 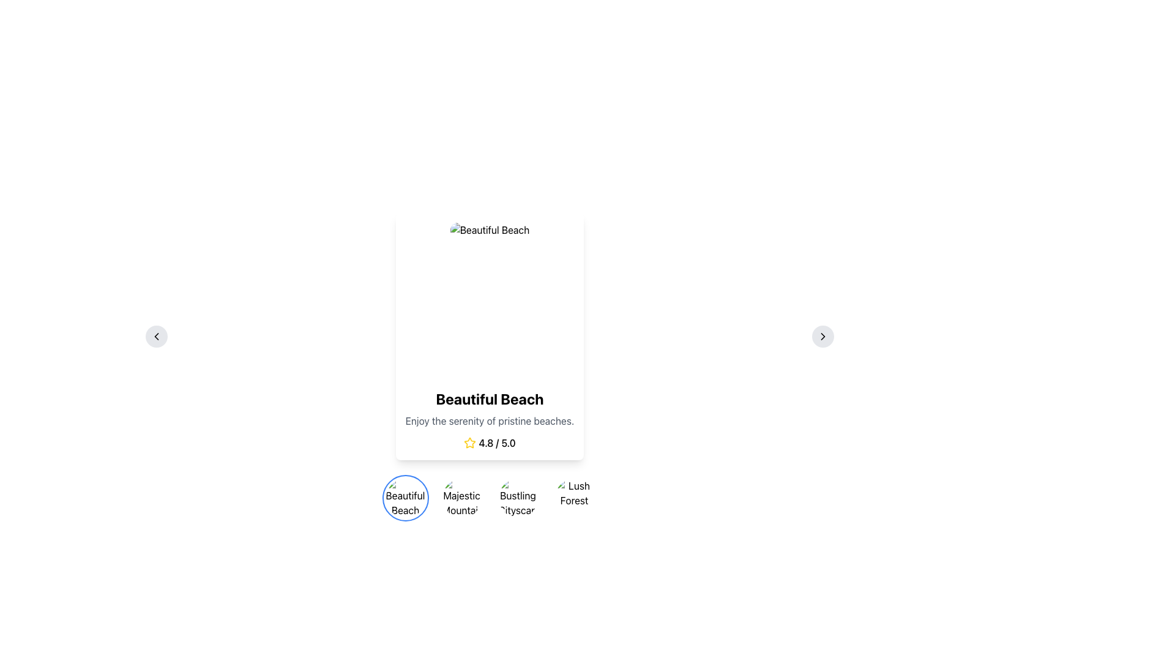 I want to click on the outlined yellow star icon indicating a rating or favorite feature, located to the left of the rating text '4.8 / 5.0', so click(x=469, y=443).